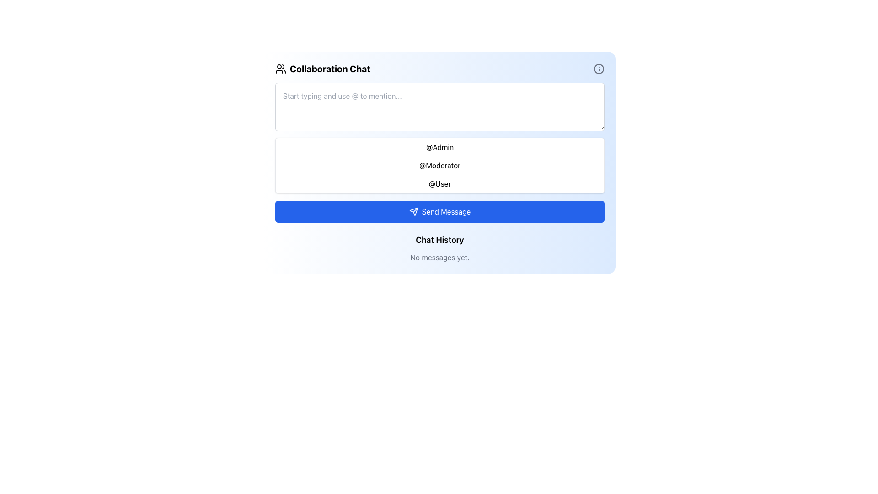 This screenshot has width=878, height=494. What do you see at coordinates (439, 146) in the screenshot?
I see `the first static text item '@Admin' in the vertical list` at bounding box center [439, 146].